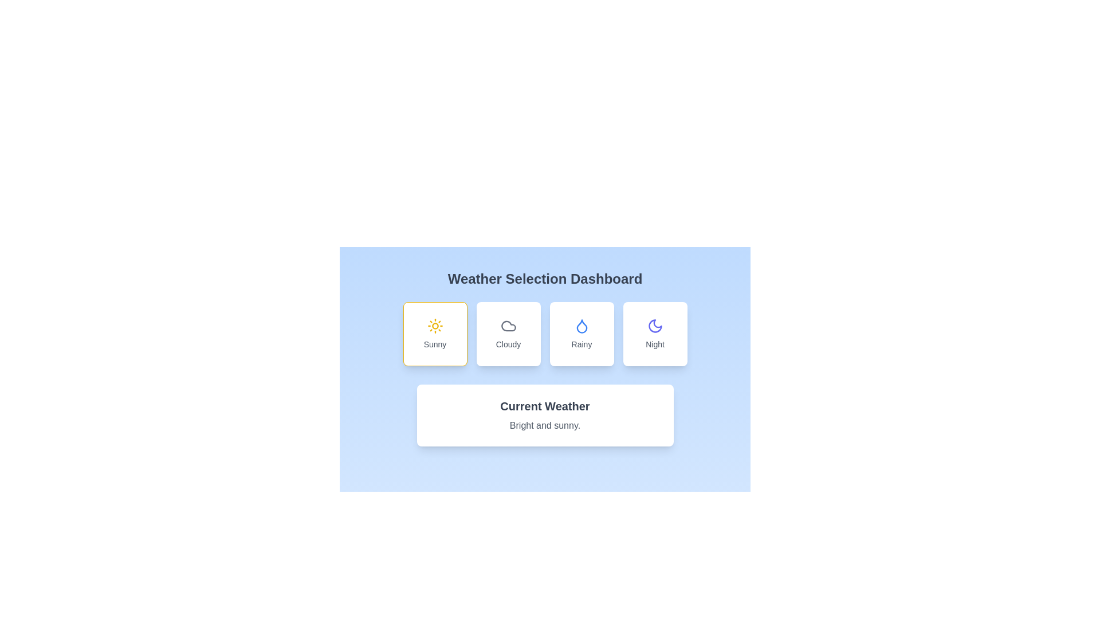 Image resolution: width=1100 pixels, height=619 pixels. Describe the element at coordinates (544, 334) in the screenshot. I see `the 'Cloudy' button in the Group of selectable buttons for weather options, which is located below the 'Weather Selection Dashboard'` at that location.